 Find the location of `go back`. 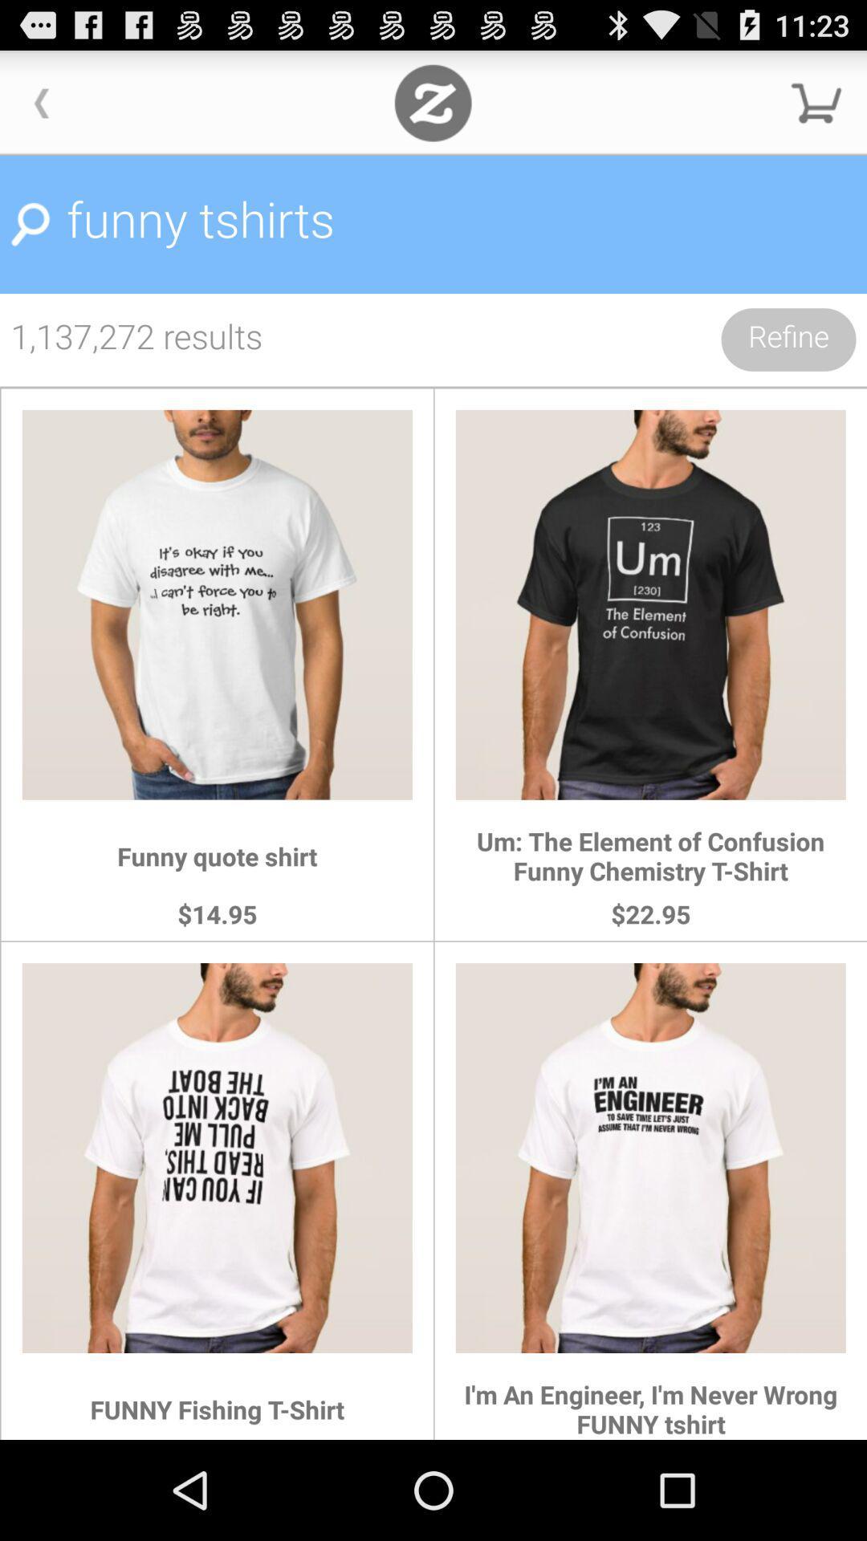

go back is located at coordinates (41, 102).